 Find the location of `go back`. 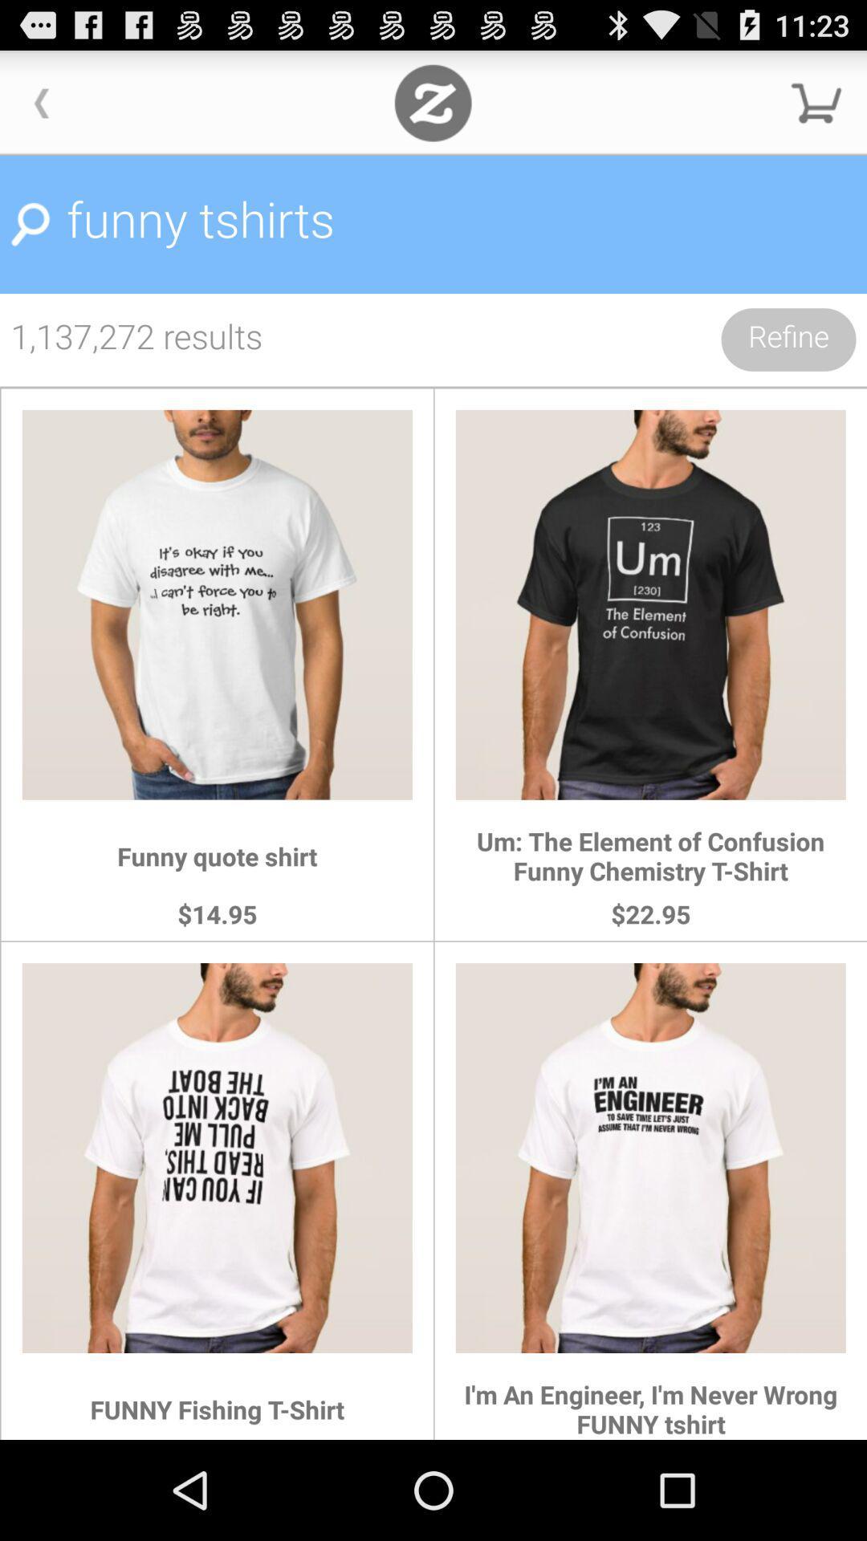

go back is located at coordinates (41, 102).